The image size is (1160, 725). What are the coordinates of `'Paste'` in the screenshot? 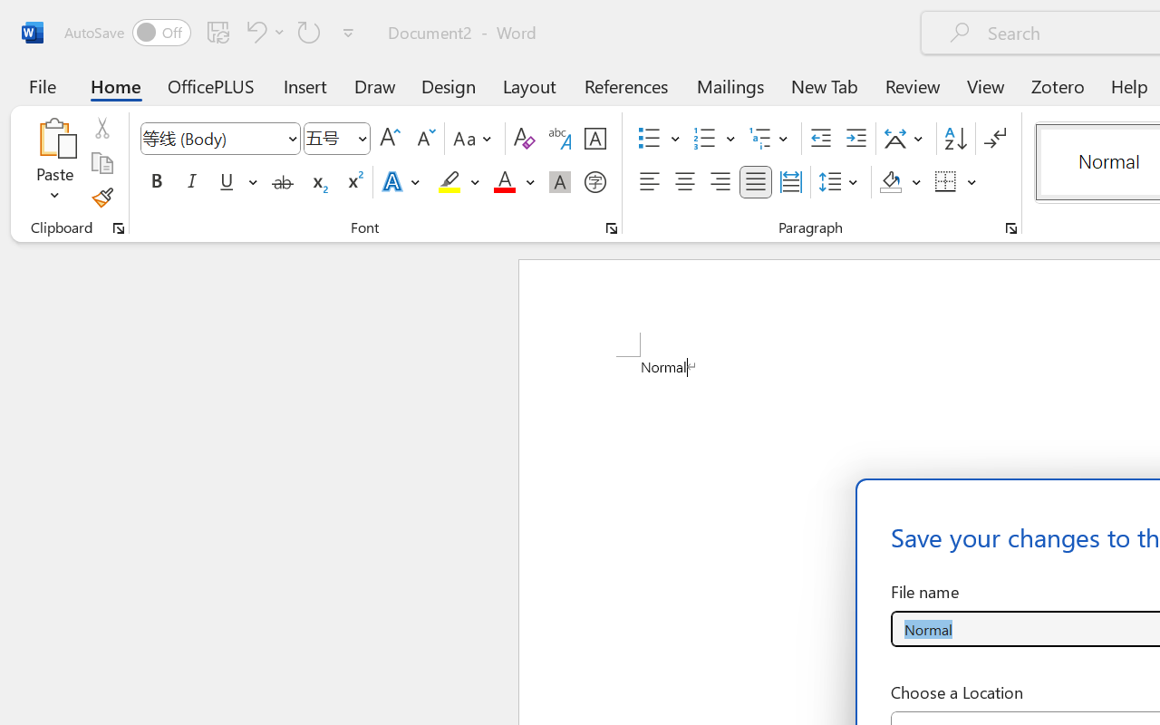 It's located at (54, 137).